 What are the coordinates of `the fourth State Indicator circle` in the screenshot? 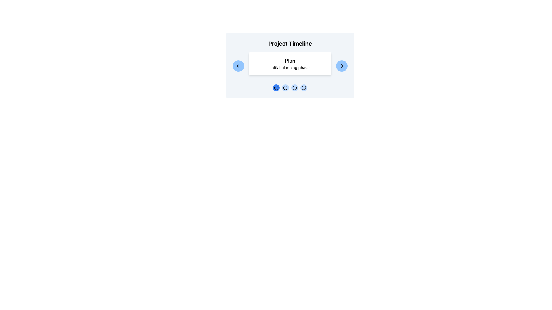 It's located at (303, 88).